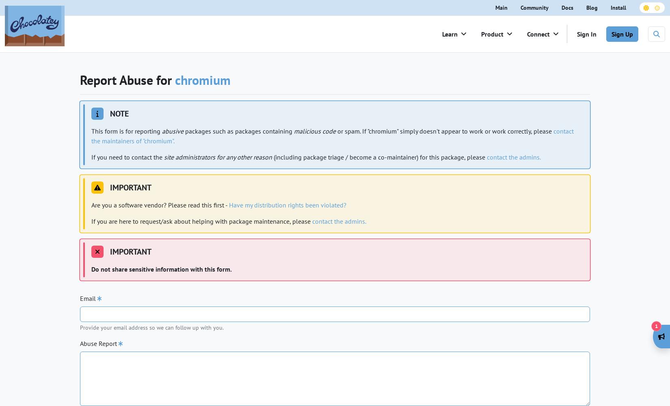  What do you see at coordinates (538, 33) in the screenshot?
I see `'Connect'` at bounding box center [538, 33].